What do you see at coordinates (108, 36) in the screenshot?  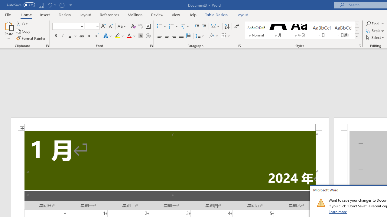 I see `'Text Effects and Typography'` at bounding box center [108, 36].